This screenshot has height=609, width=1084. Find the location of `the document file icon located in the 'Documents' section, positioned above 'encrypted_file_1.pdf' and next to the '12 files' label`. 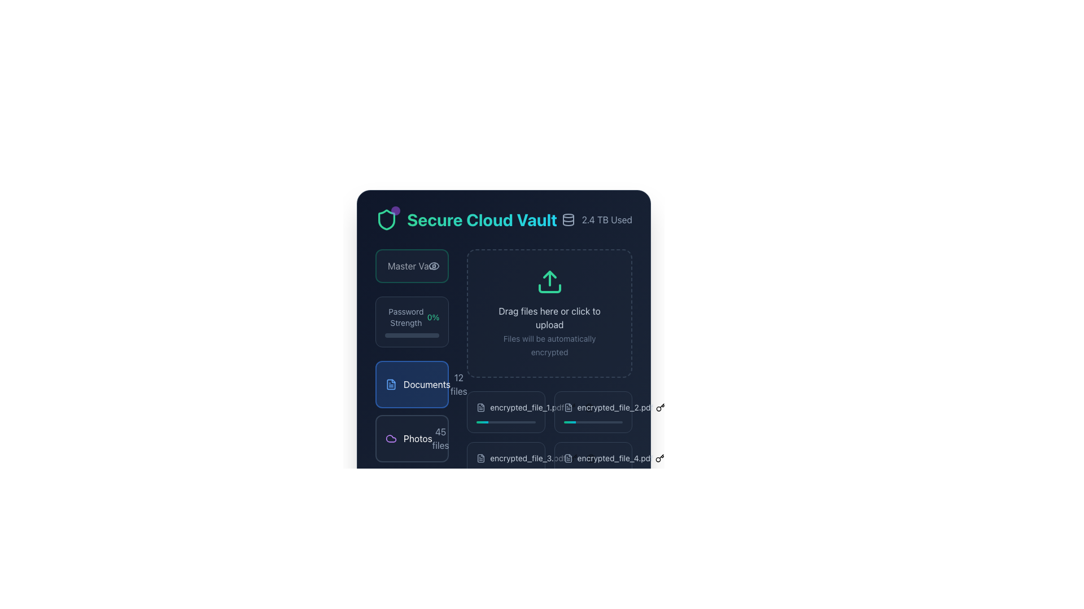

the document file icon located in the 'Documents' section, positioned above 'encrypted_file_1.pdf' and next to the '12 files' label is located at coordinates (481, 407).